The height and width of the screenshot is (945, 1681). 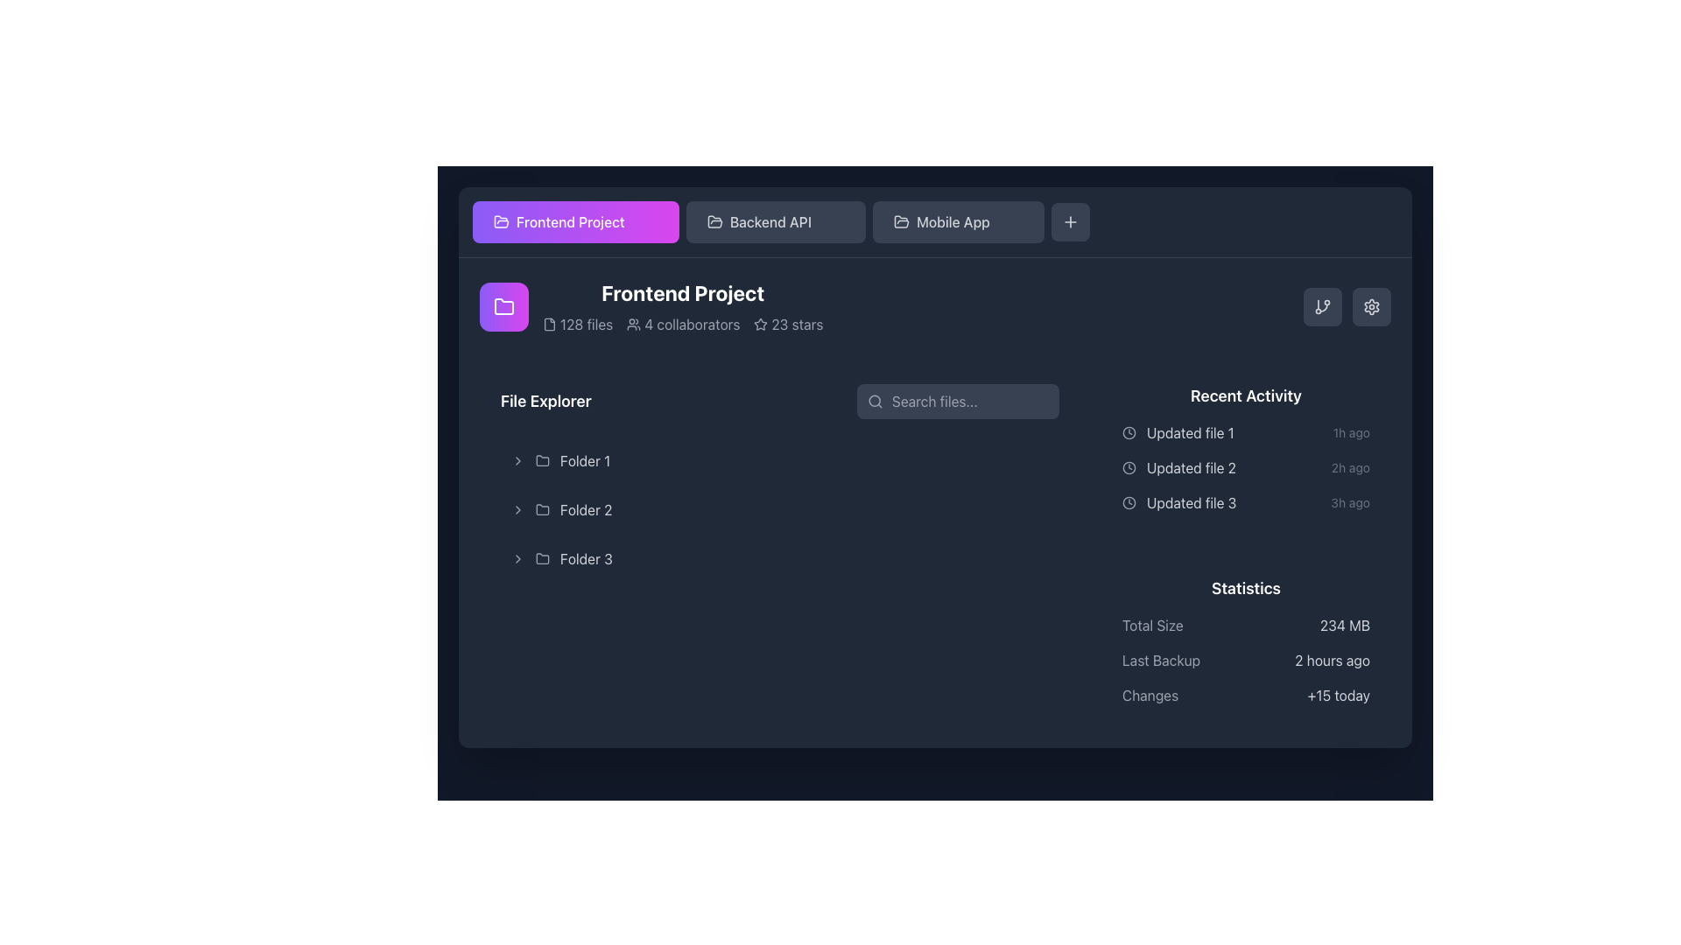 I want to click on the Close button, so click(x=834, y=221).